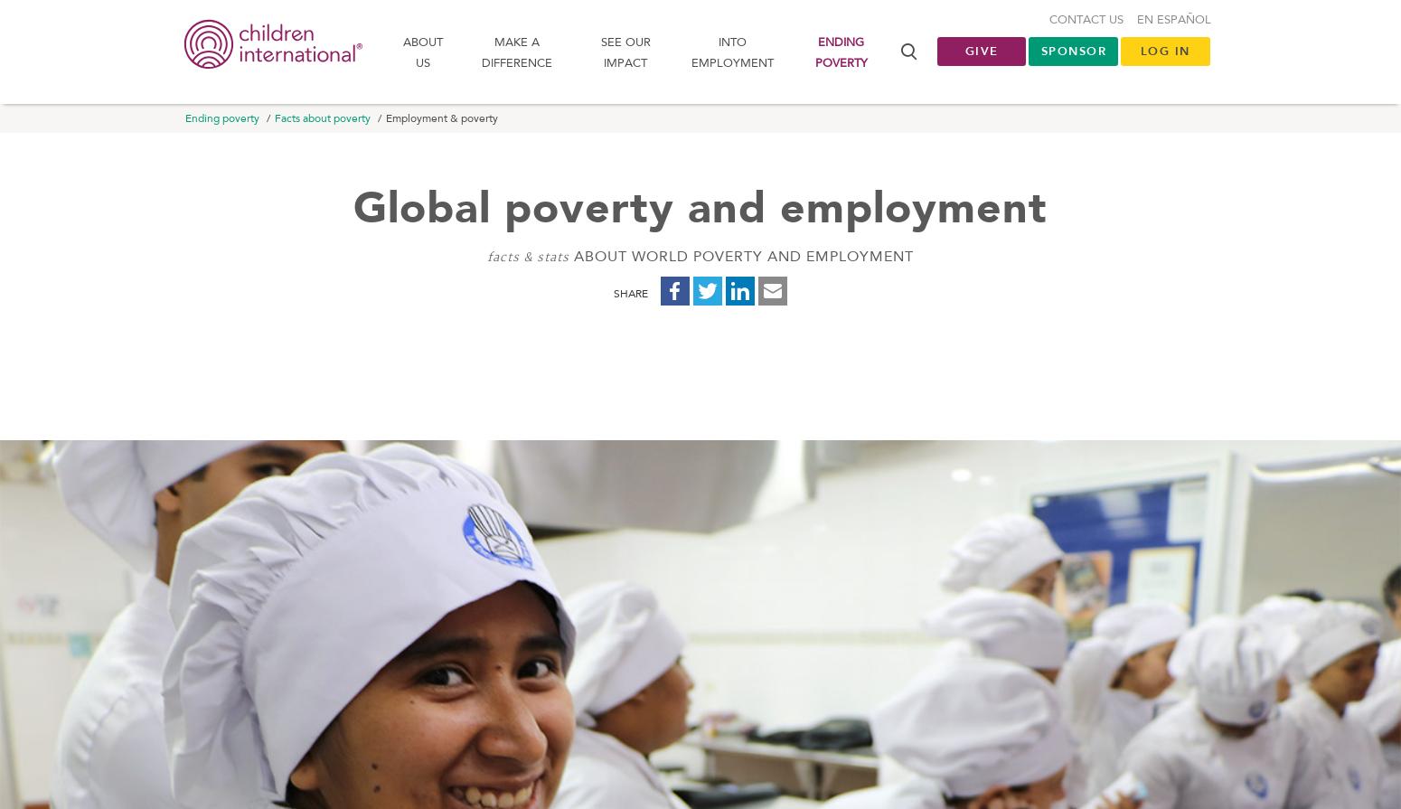 The width and height of the screenshot is (1401, 809). I want to click on 'En Español', so click(1173, 24).